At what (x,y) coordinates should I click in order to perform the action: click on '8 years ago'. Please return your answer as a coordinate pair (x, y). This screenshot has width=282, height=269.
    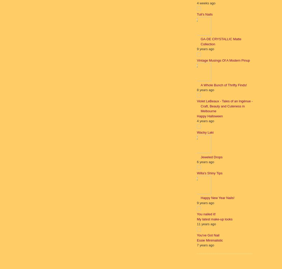
    Looking at the image, I should click on (205, 90).